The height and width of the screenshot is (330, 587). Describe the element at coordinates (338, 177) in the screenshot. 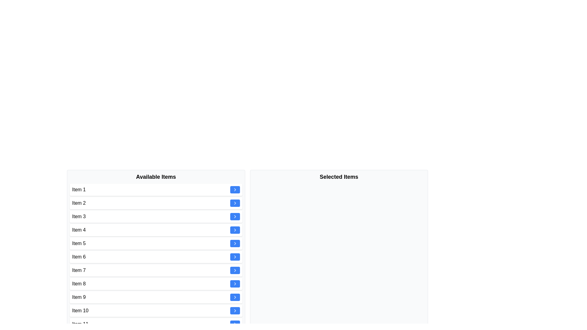

I see `the 'Selected Items' header text, which is bold and large, located at the top-center of the panel with a light gray background` at that location.